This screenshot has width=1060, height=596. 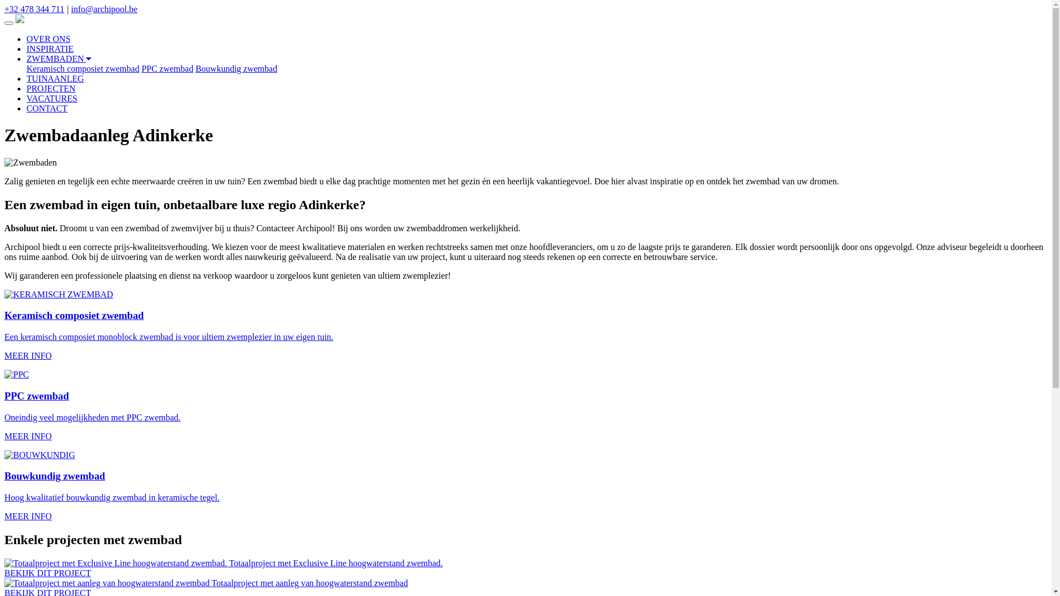 What do you see at coordinates (71, 9) in the screenshot?
I see `'info@archipool.be'` at bounding box center [71, 9].